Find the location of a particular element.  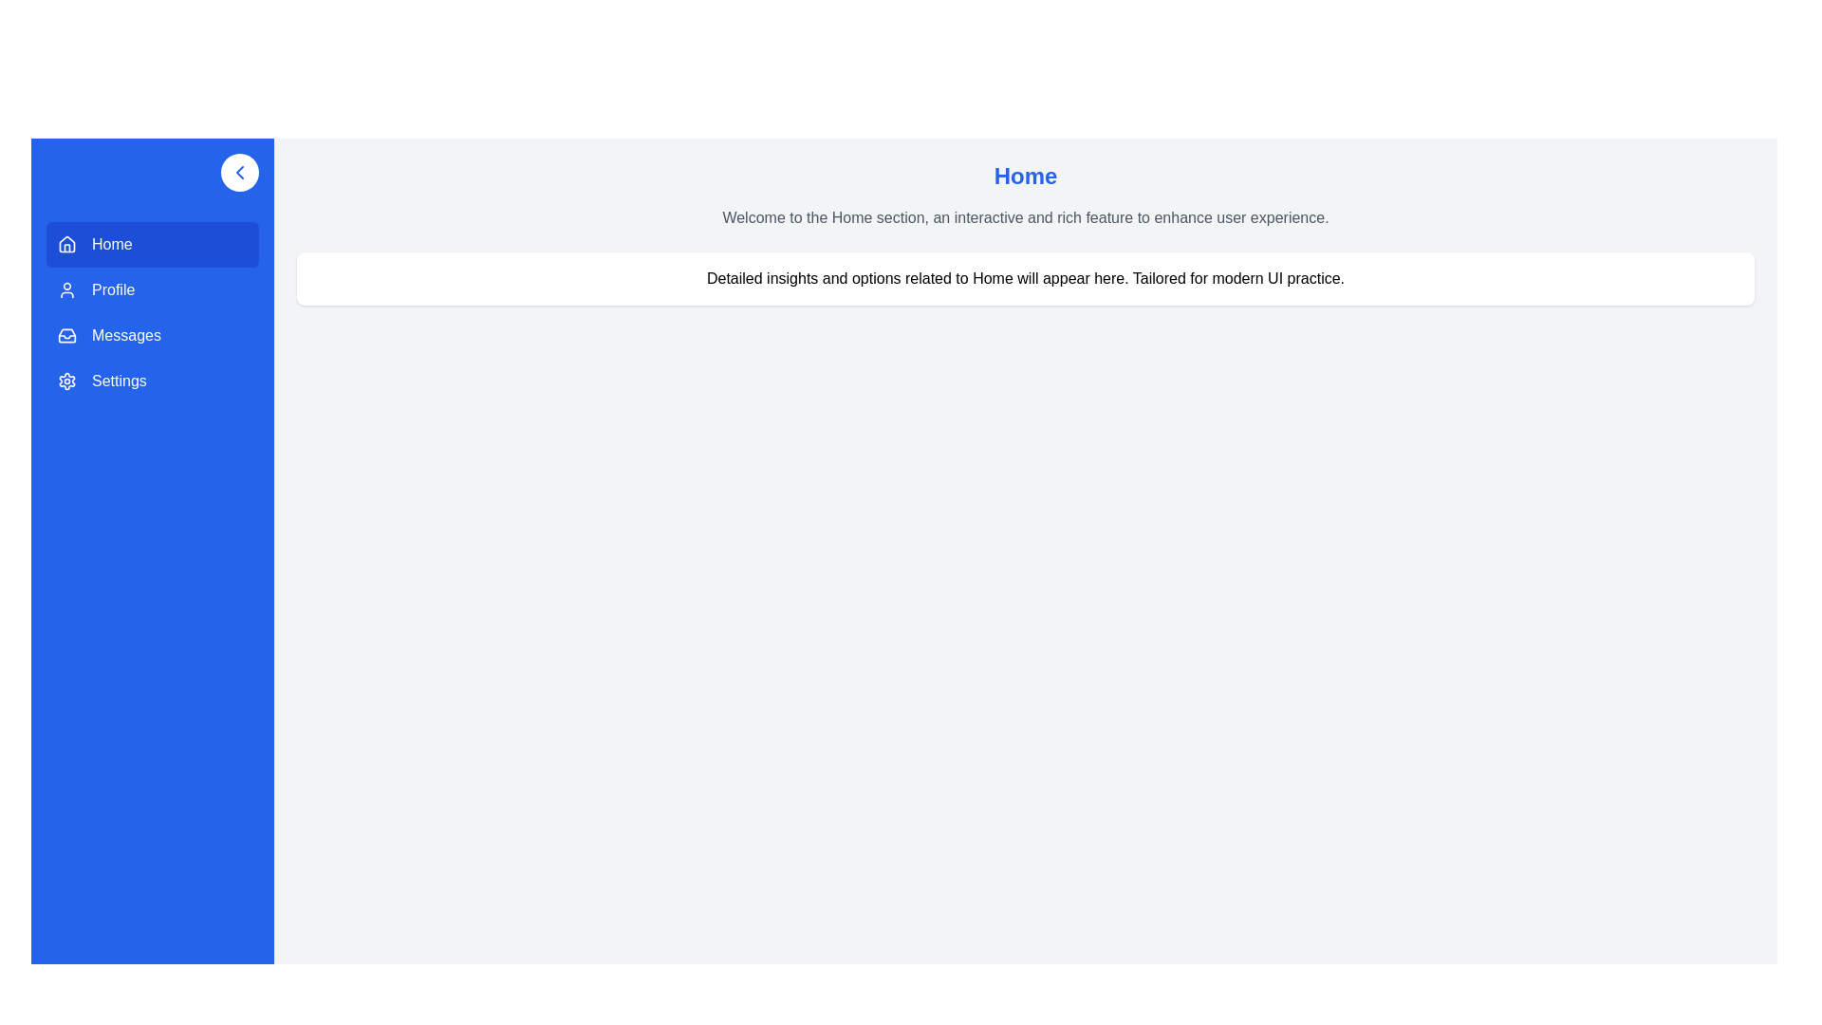

the toggle button to change the drawer's visibility is located at coordinates (239, 172).